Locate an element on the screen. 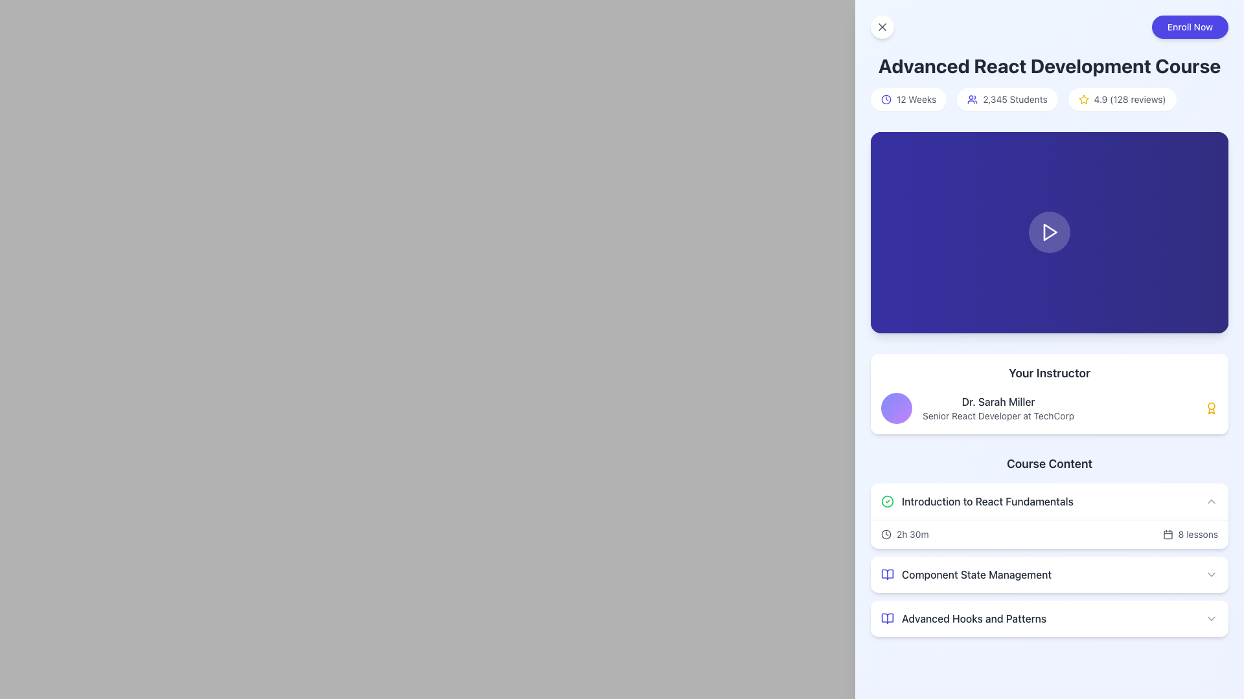 The width and height of the screenshot is (1244, 699). the list item containing the text 'Component State Management' with an indigo book icon is located at coordinates (966, 573).